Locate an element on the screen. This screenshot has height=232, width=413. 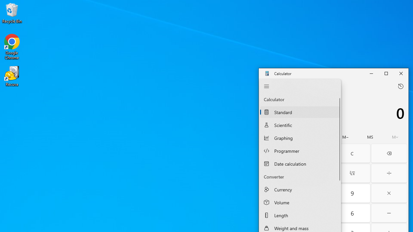
'Currency Converter' is located at coordinates (299, 189).